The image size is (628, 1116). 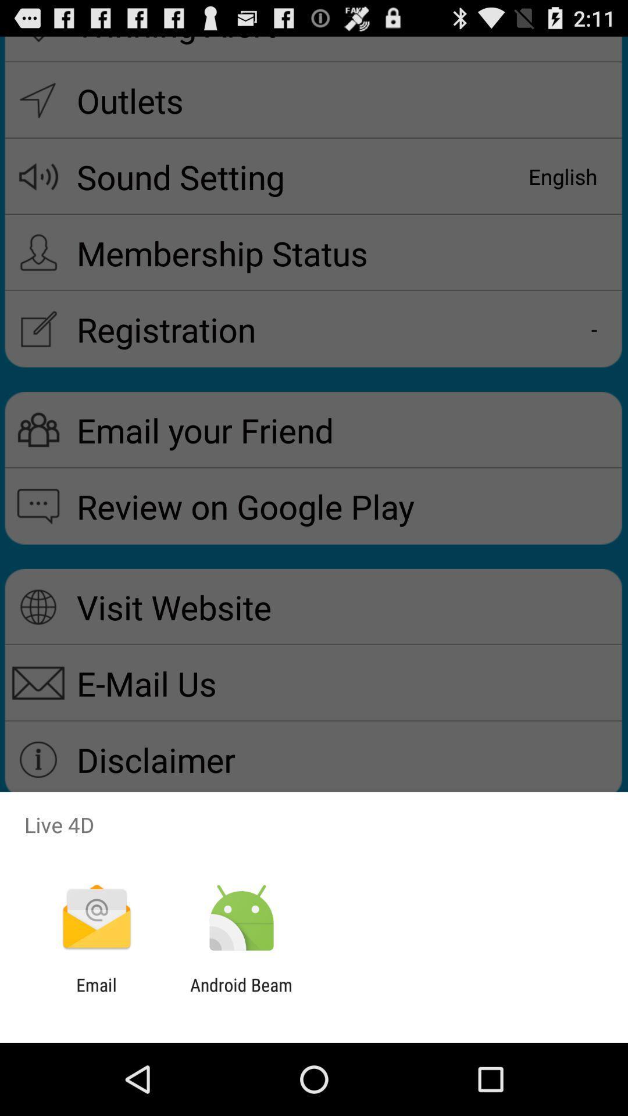 I want to click on android beam app, so click(x=241, y=995).